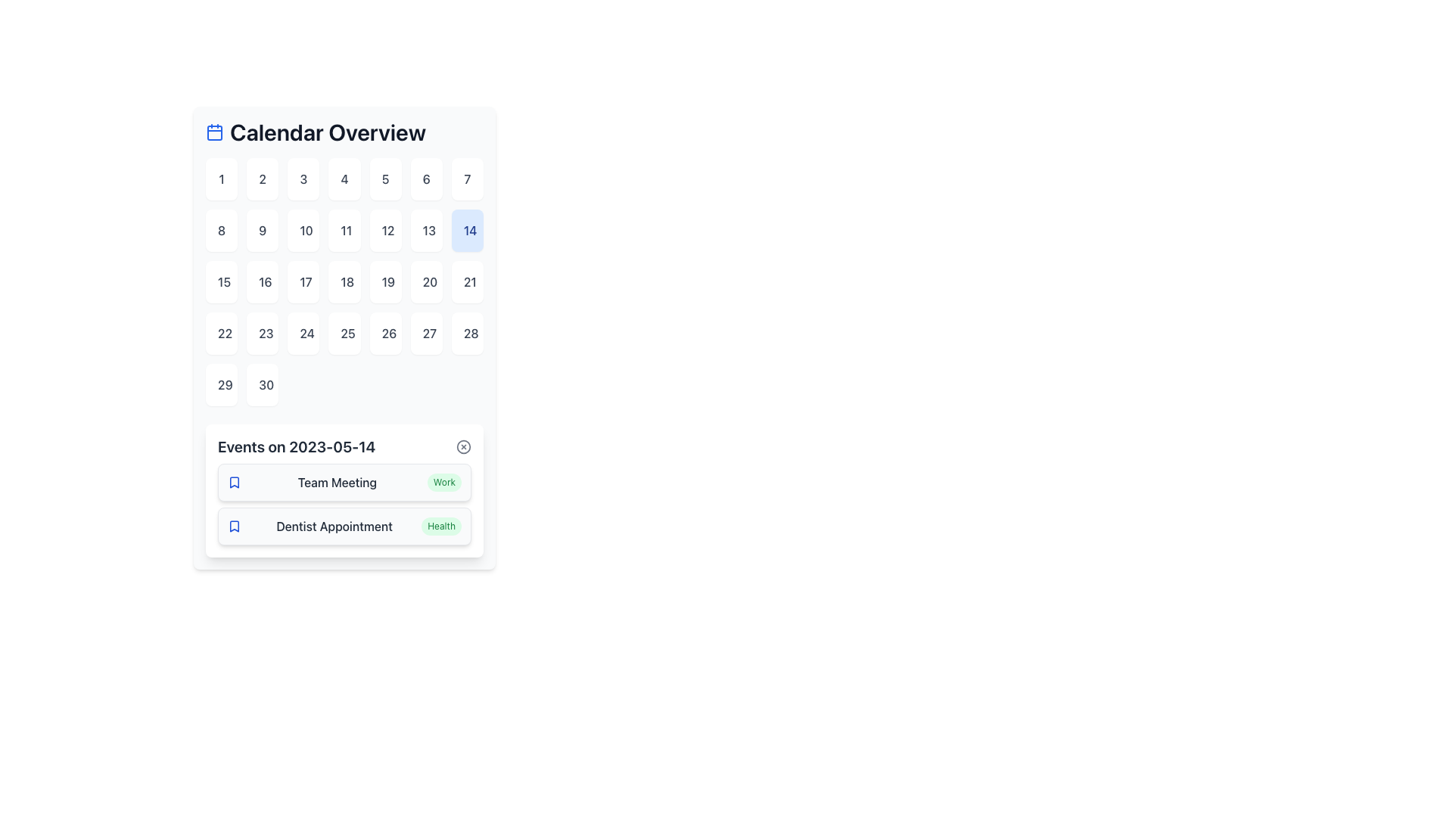 The height and width of the screenshot is (817, 1453). What do you see at coordinates (220, 282) in the screenshot?
I see `the calendar button displaying the number '15'` at bounding box center [220, 282].